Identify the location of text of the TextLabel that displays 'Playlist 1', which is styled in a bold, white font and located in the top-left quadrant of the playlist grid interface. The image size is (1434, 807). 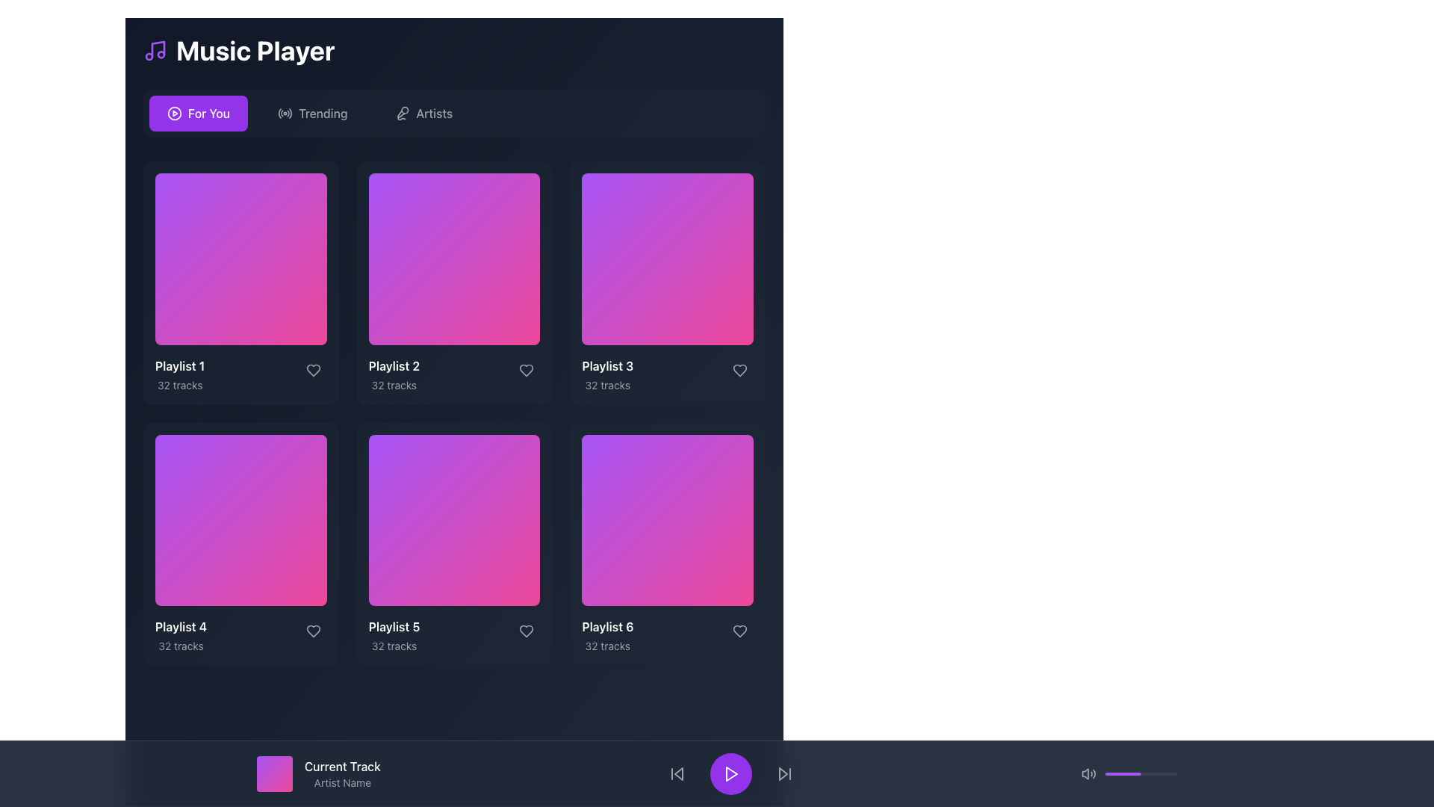
(179, 365).